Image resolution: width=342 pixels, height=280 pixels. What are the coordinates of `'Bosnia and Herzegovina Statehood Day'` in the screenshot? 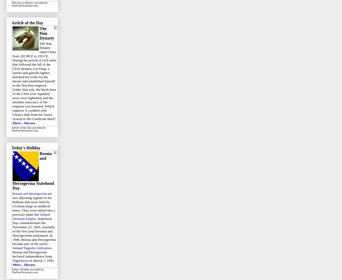 It's located at (33, 170).